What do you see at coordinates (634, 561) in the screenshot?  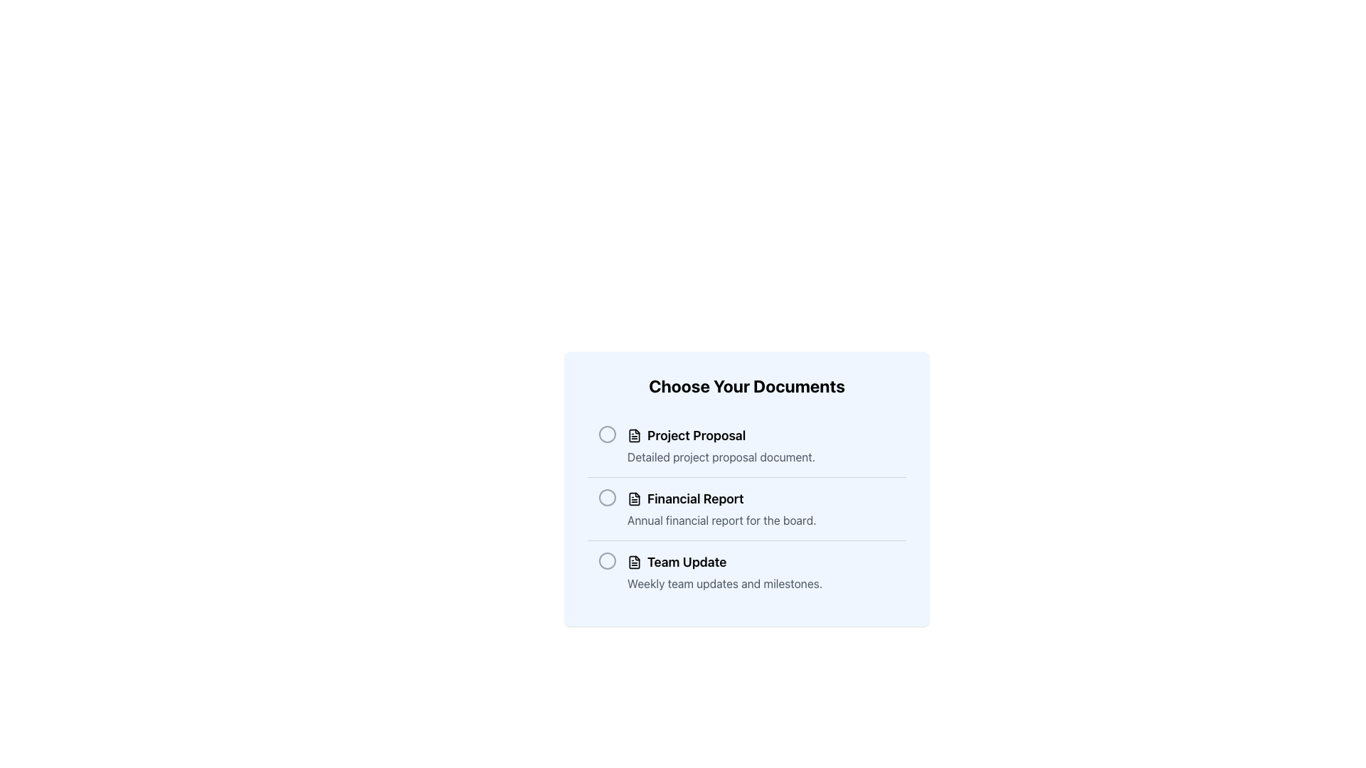 I see `the document icon for 'Team Update', which appears as a rectangular file with a folded corner at the top right, located to the left of the text 'Team Update'` at bounding box center [634, 561].